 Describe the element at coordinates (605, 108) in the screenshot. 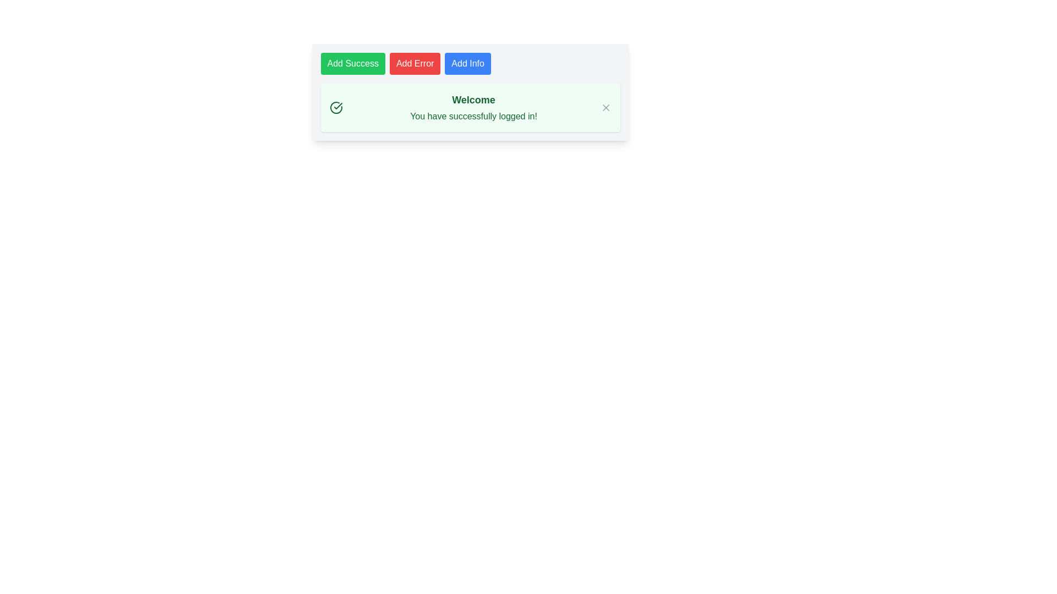

I see `the Close icon located in the top-right corner of the success message box with a green background` at that location.